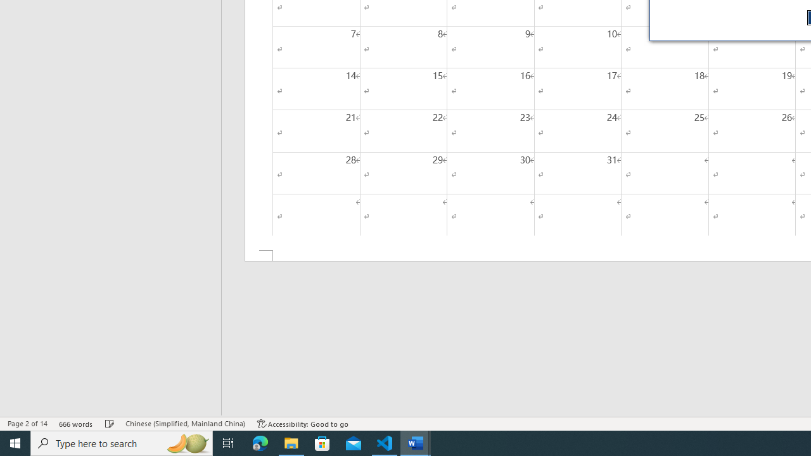  What do you see at coordinates (184, 424) in the screenshot?
I see `'Language Chinese (Simplified, Mainland China)'` at bounding box center [184, 424].